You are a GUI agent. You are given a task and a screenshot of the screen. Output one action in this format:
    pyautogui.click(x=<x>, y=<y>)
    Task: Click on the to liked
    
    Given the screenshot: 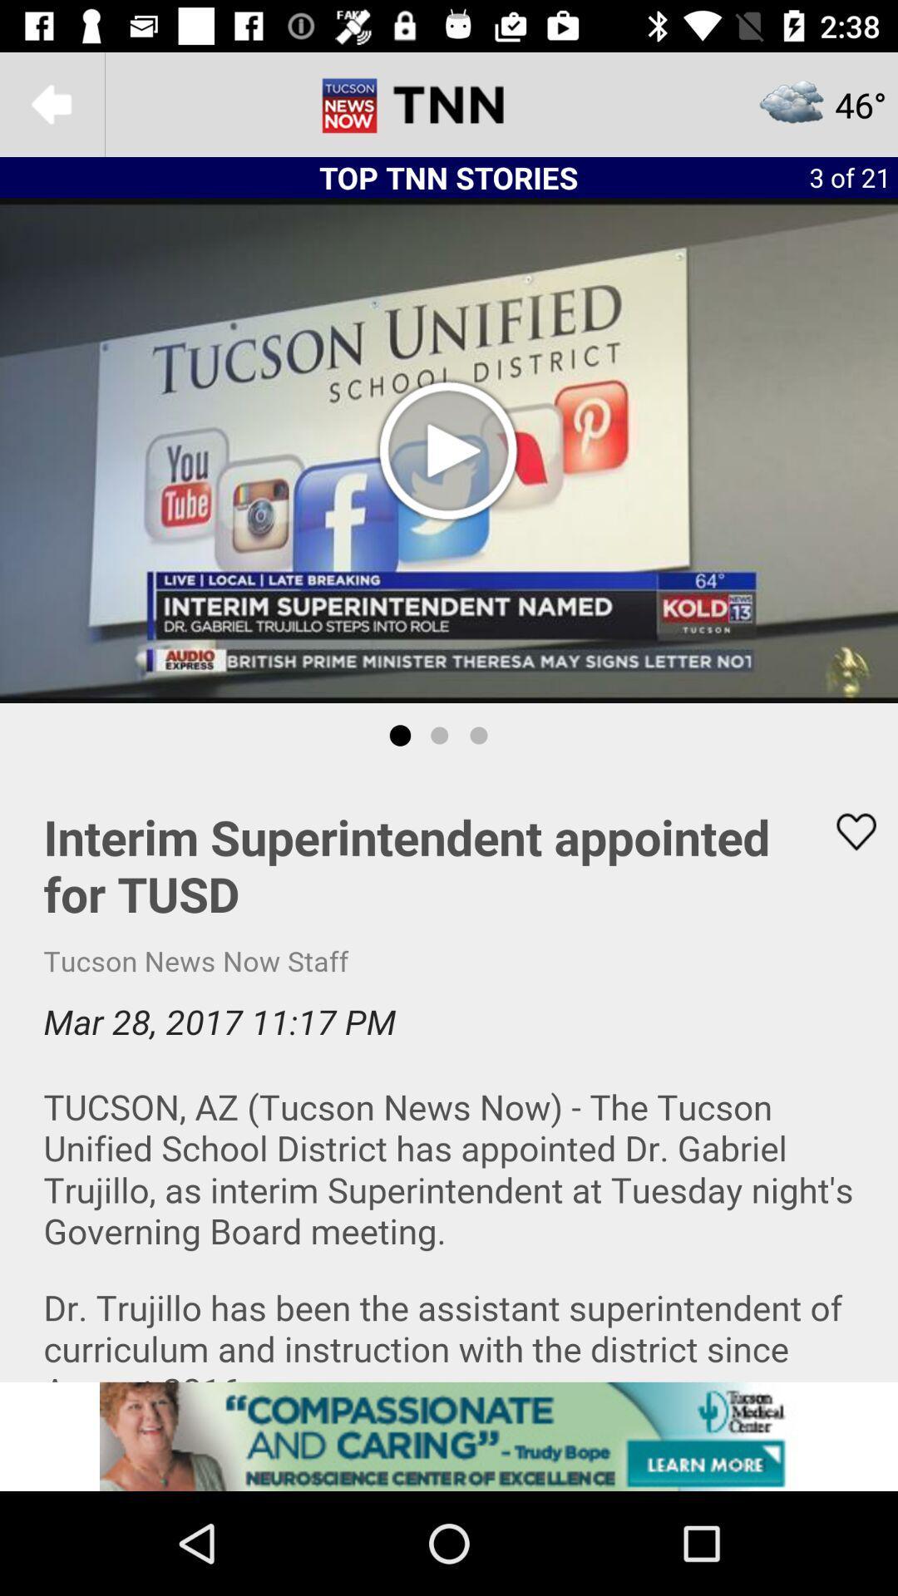 What is the action you would take?
    pyautogui.click(x=846, y=831)
    